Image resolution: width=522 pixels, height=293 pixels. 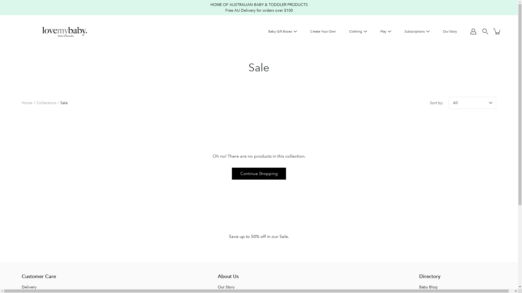 What do you see at coordinates (46, 103) in the screenshot?
I see `'Collections'` at bounding box center [46, 103].